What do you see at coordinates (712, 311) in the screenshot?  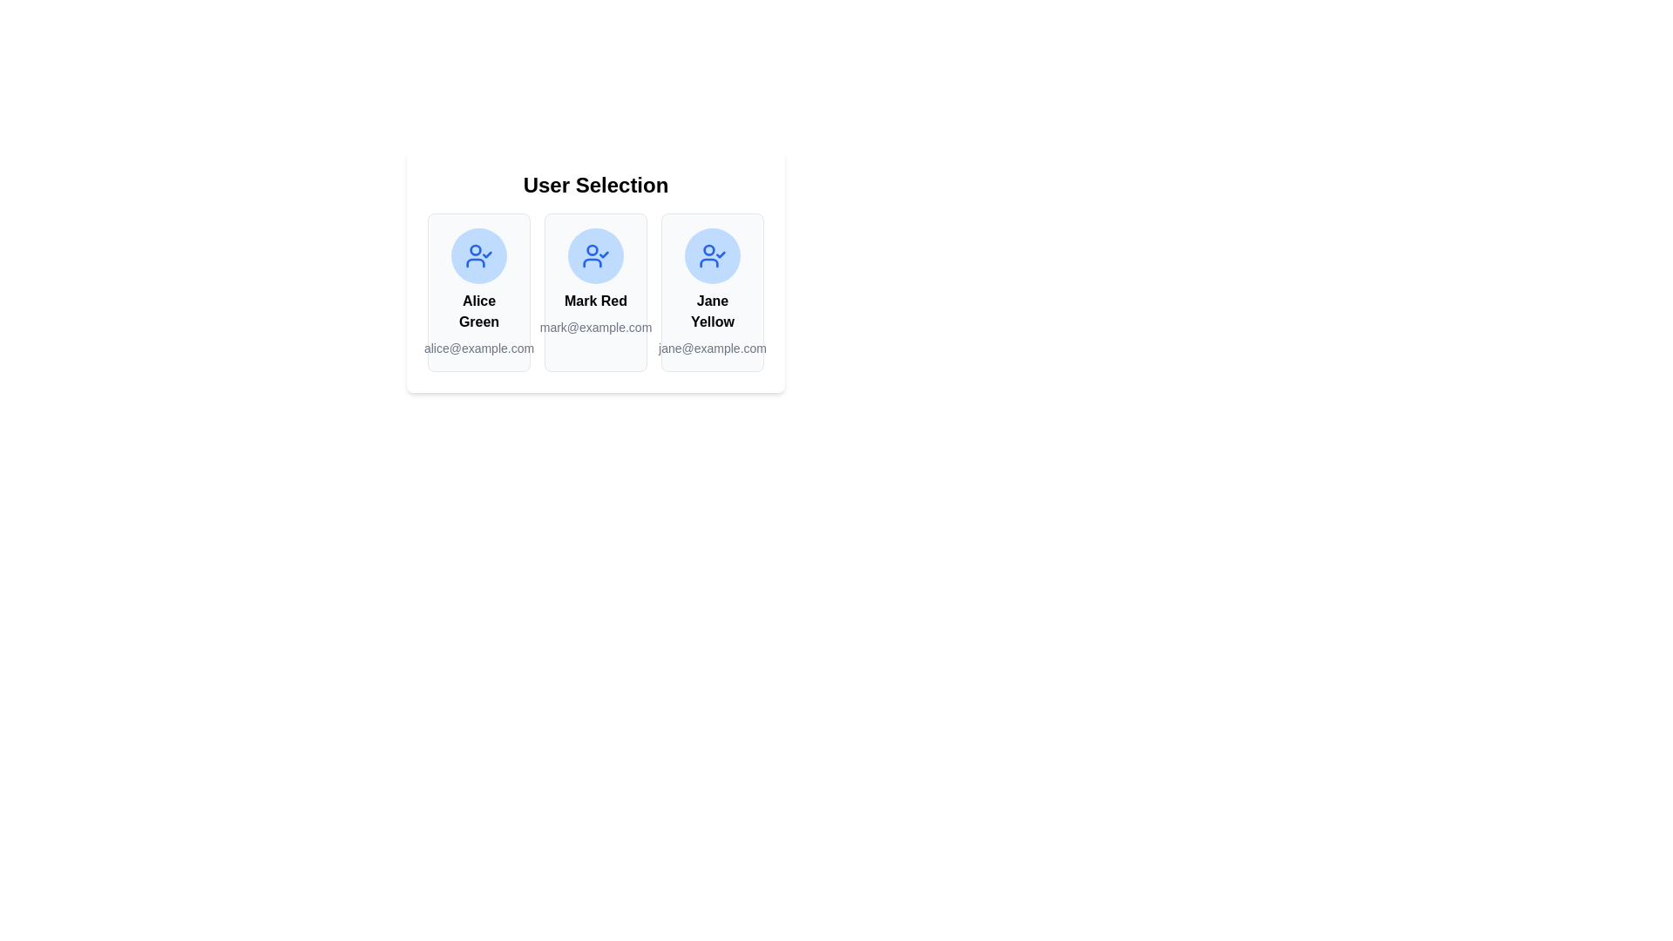 I see `the Text Label displaying the user's name in the third user profile card, which is positioned beneath an icon and above the email address 'jane@example.com'` at bounding box center [712, 311].